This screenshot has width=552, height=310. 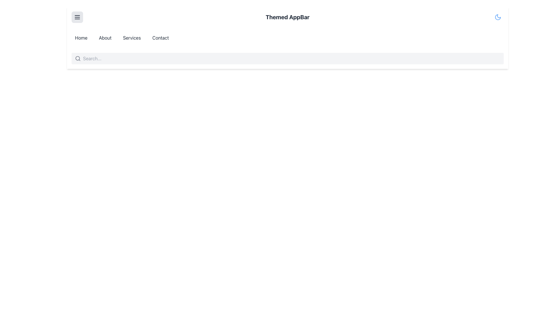 I want to click on the 'Contact' button in the horizontal navigation menu, so click(x=160, y=38).